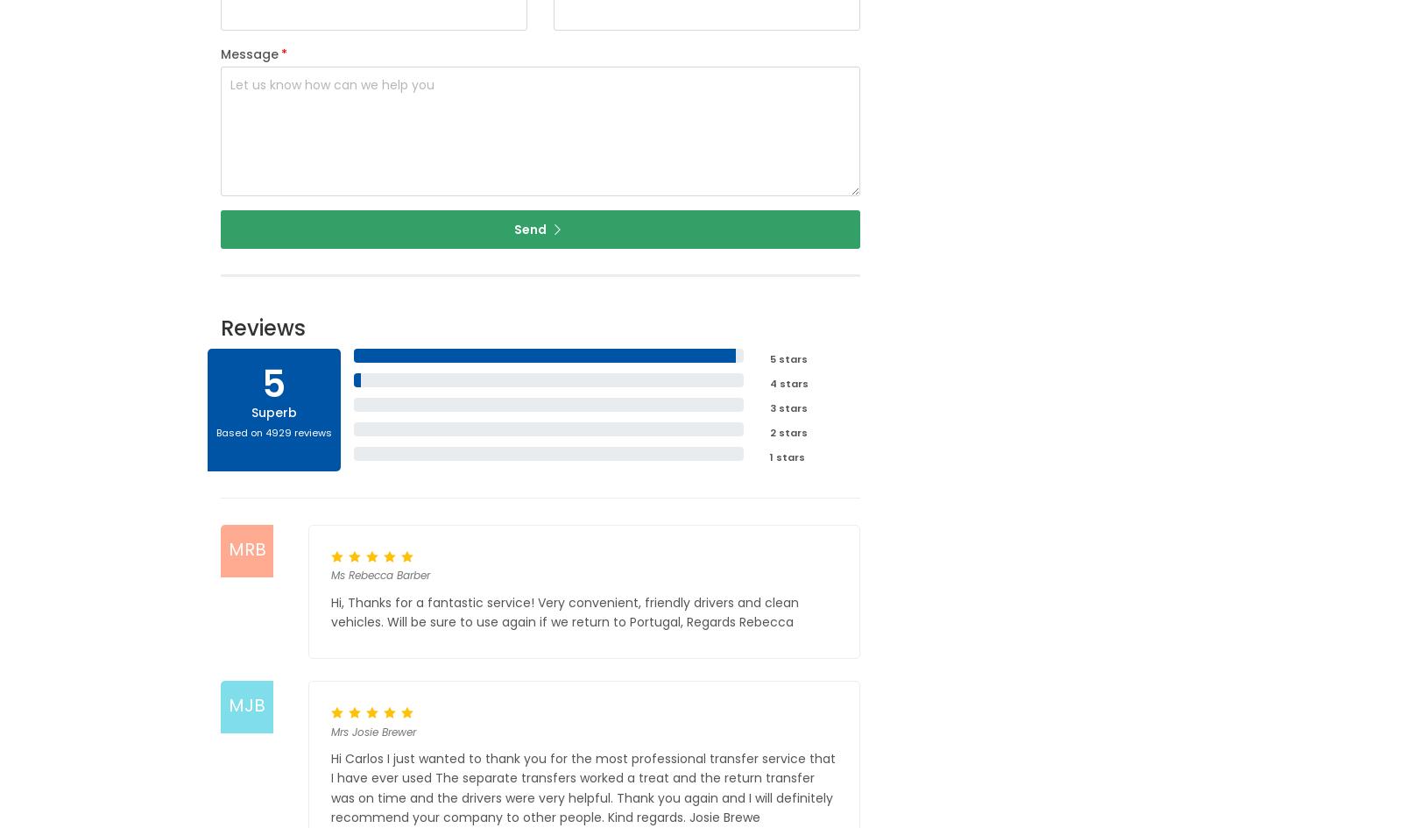  I want to click on 'Message', so click(218, 53).